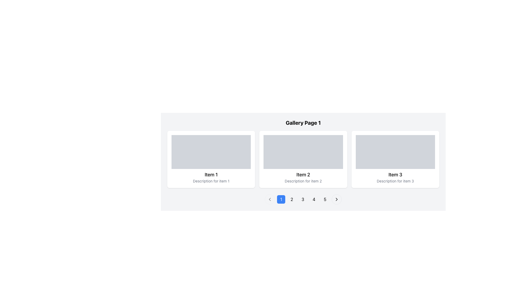 The width and height of the screenshot is (509, 286). I want to click on the text label located in the central lower portion of the card, which is directly above the description text and below an image placeholder, so click(211, 175).